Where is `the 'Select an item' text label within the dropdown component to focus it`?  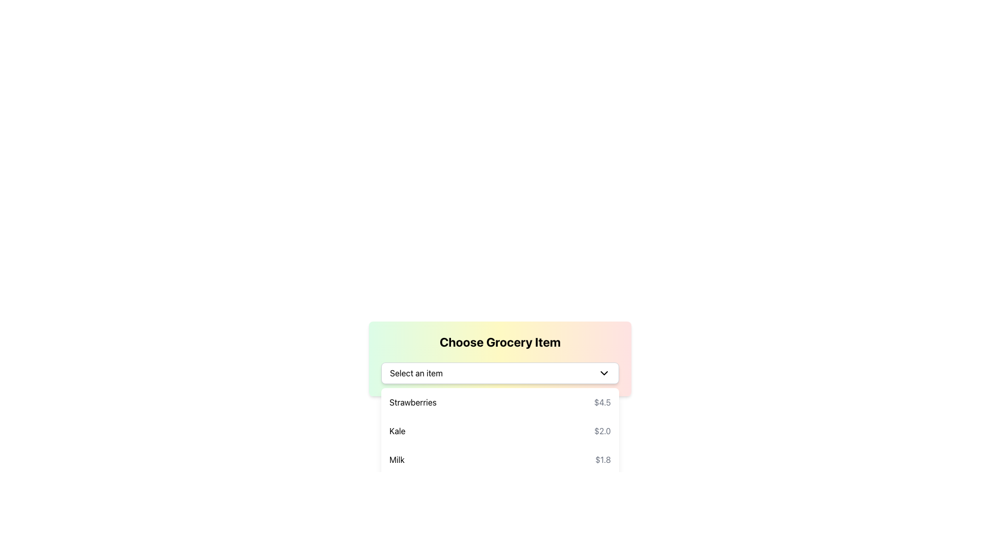
the 'Select an item' text label within the dropdown component to focus it is located at coordinates (416, 373).